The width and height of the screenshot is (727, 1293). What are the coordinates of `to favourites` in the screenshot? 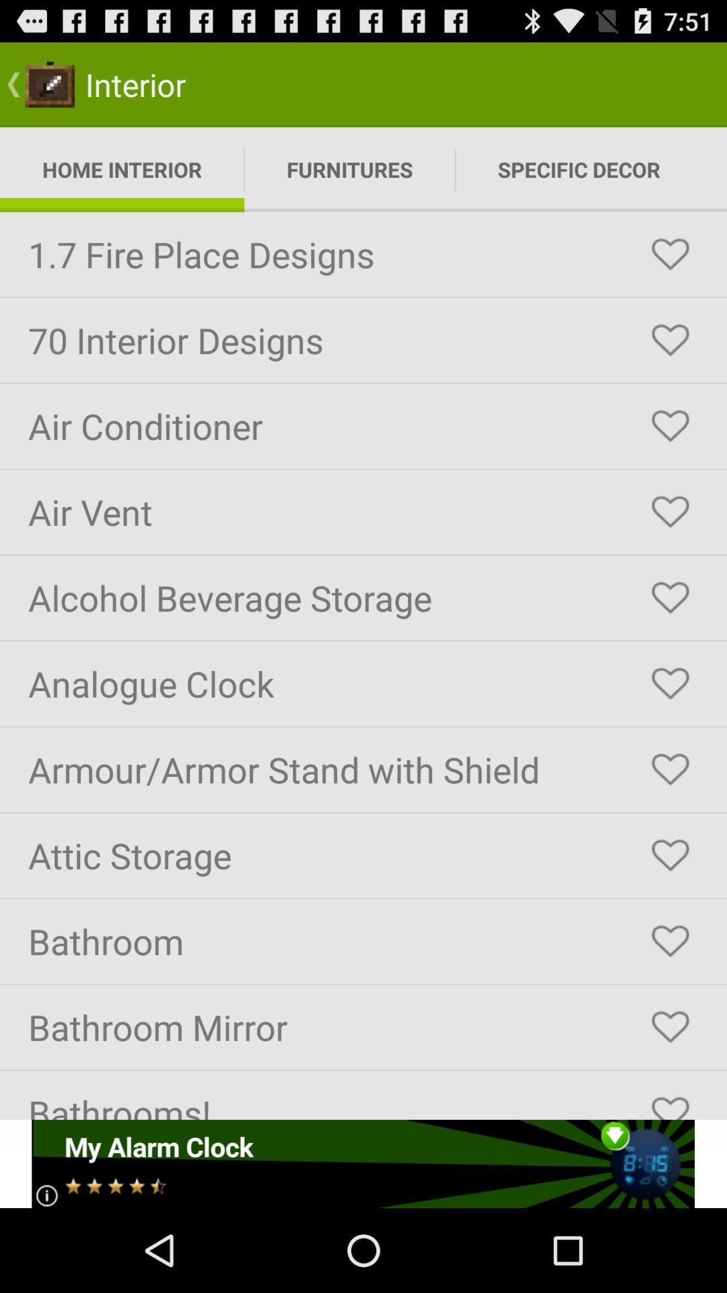 It's located at (670, 255).